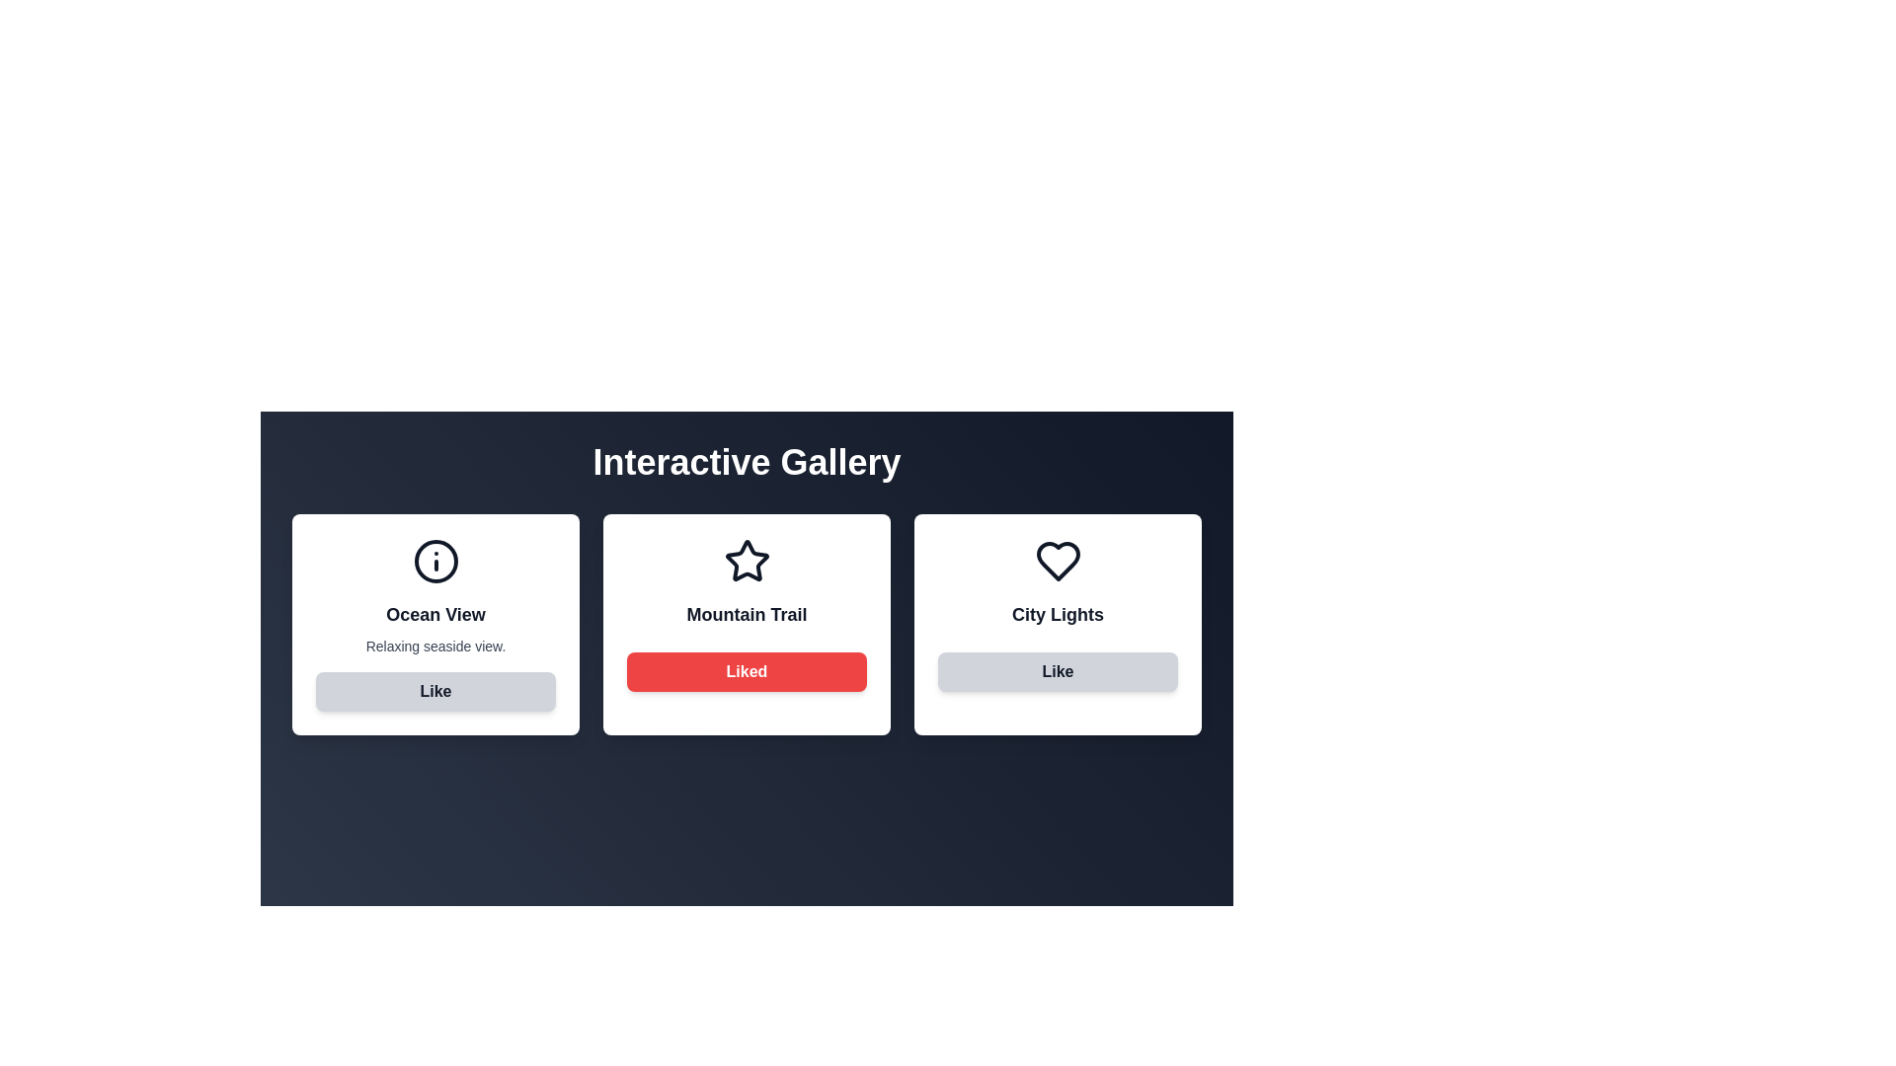 This screenshot has height=1066, width=1896. I want to click on the SVG Circle Element that is styled as an outline and located centrally within the 'Ocean View' card, which is part of an information icon, so click(434, 562).